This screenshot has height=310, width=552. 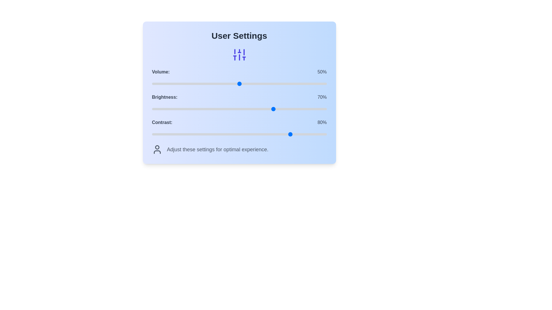 What do you see at coordinates (202, 134) in the screenshot?
I see `the contrast` at bounding box center [202, 134].